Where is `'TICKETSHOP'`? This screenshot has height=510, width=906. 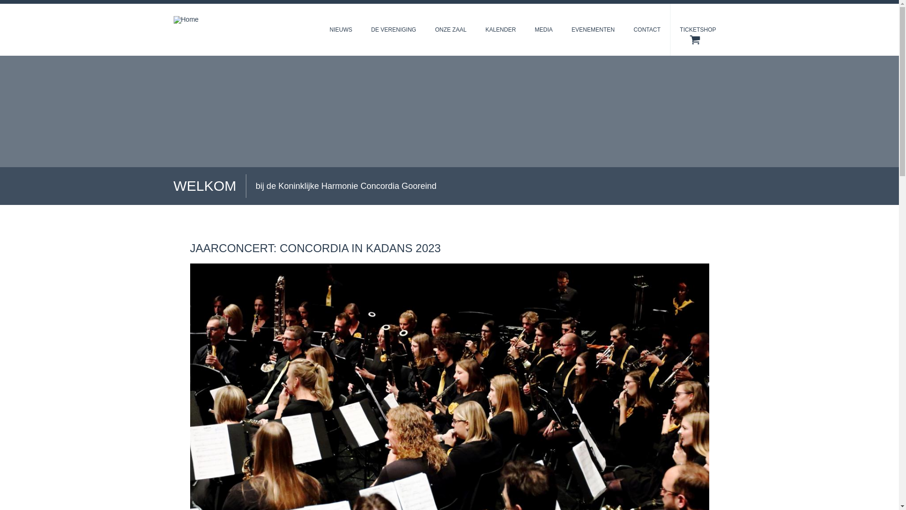 'TICKETSHOP' is located at coordinates (698, 29).